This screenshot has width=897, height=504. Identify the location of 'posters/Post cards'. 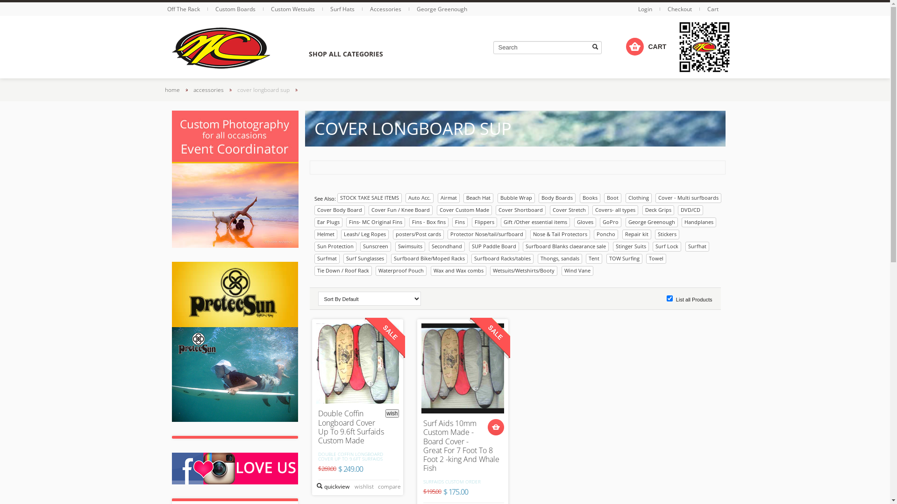
(417, 234).